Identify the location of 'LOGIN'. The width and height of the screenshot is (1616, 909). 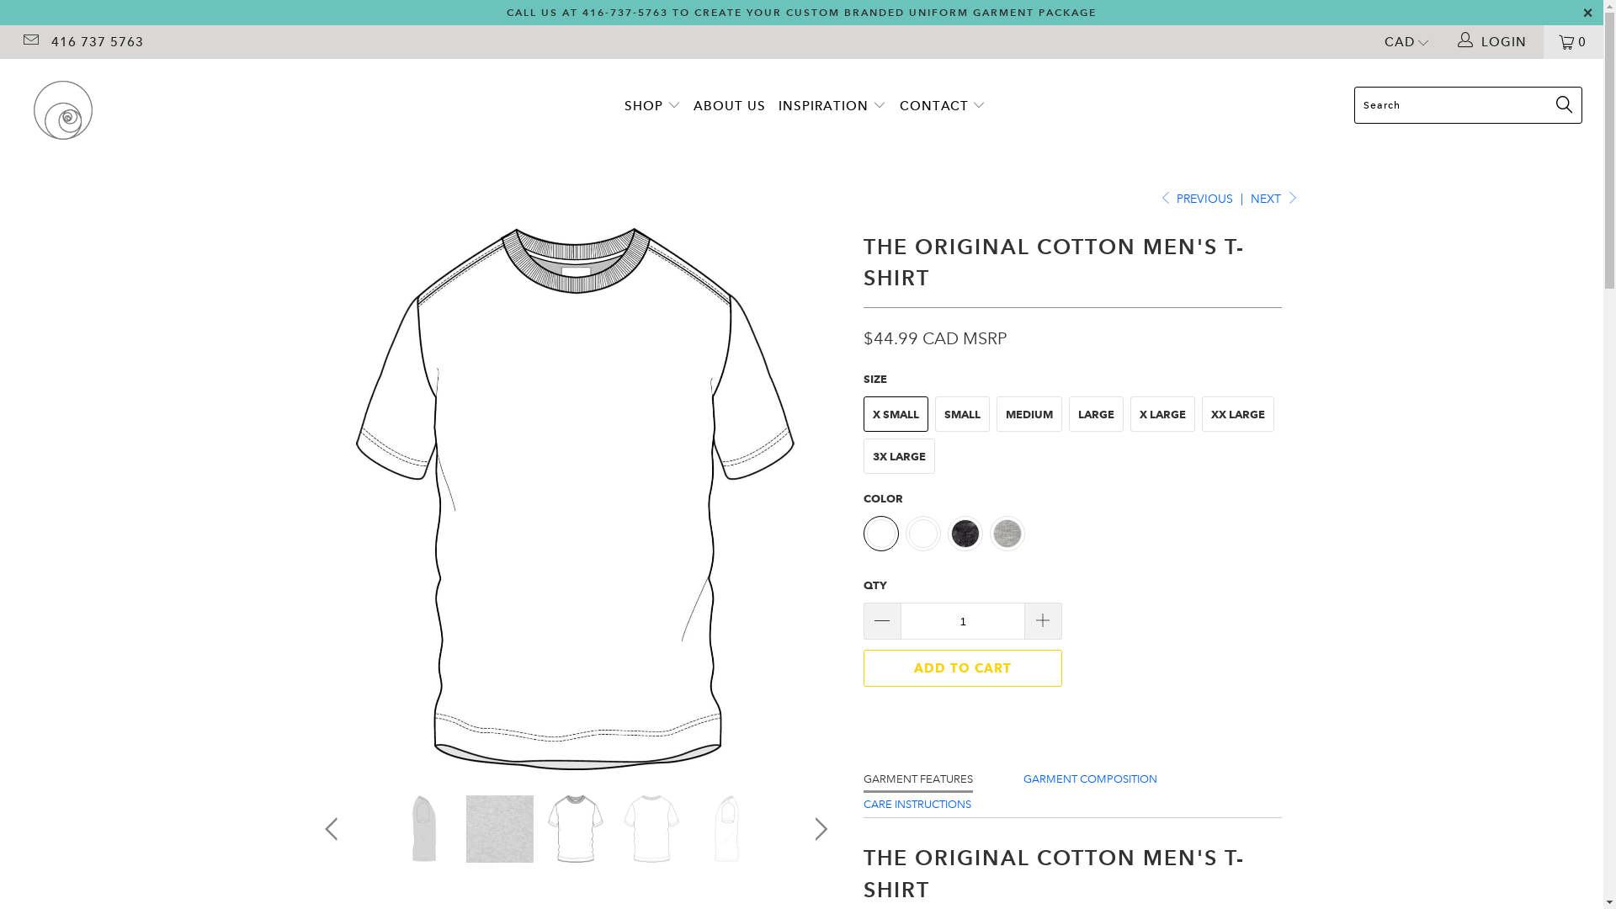
(1494, 41).